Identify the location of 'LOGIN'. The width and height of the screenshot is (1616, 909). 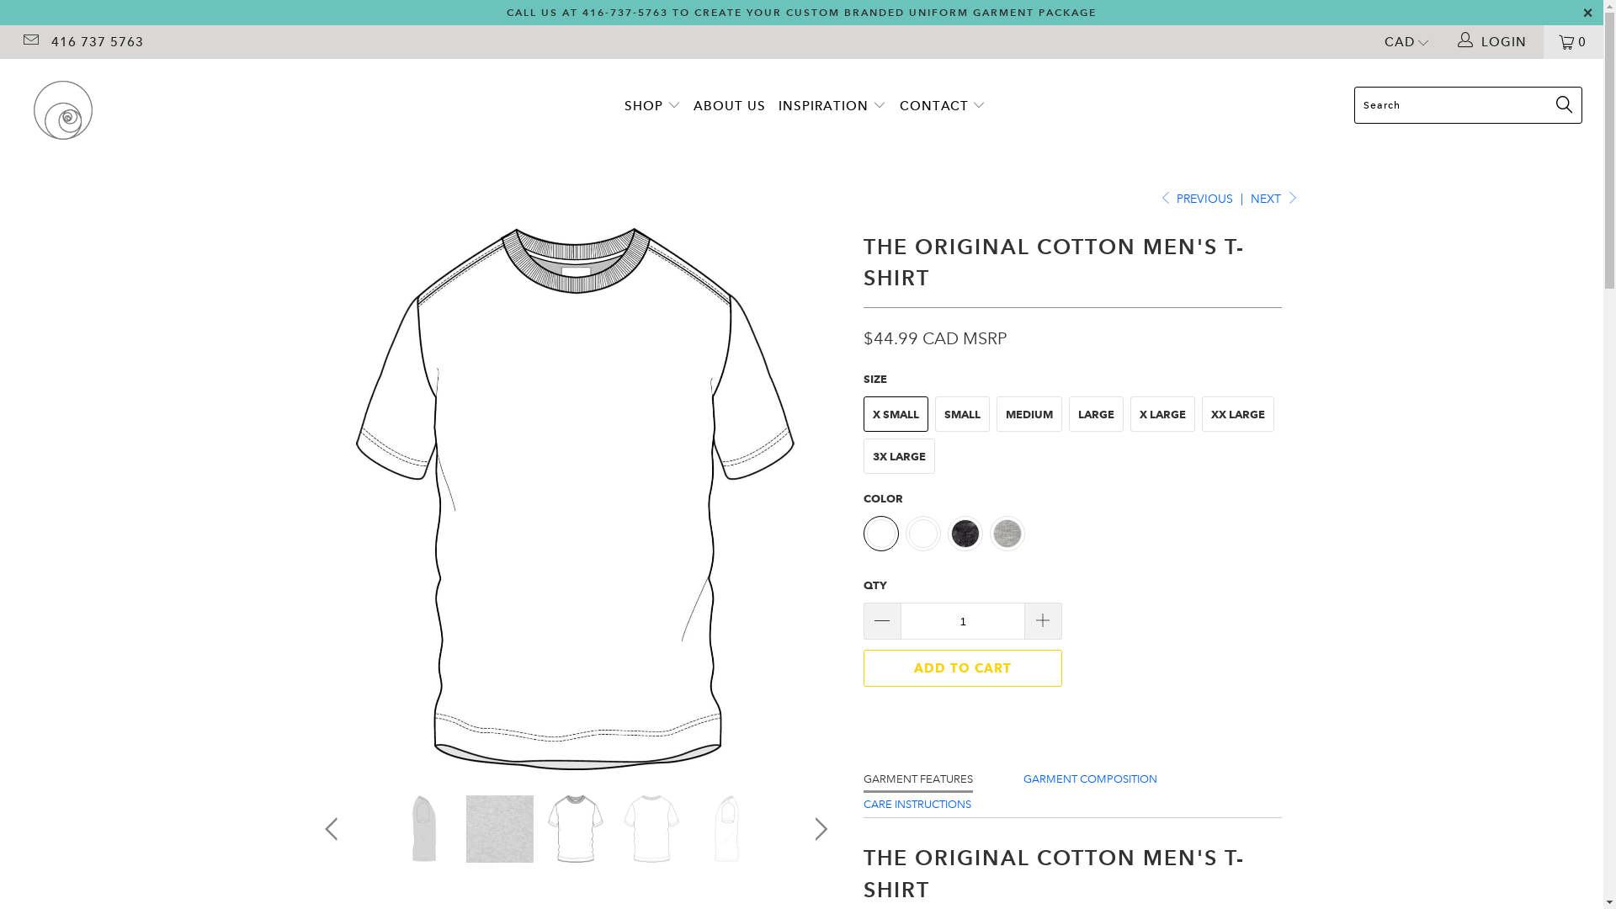
(1494, 41).